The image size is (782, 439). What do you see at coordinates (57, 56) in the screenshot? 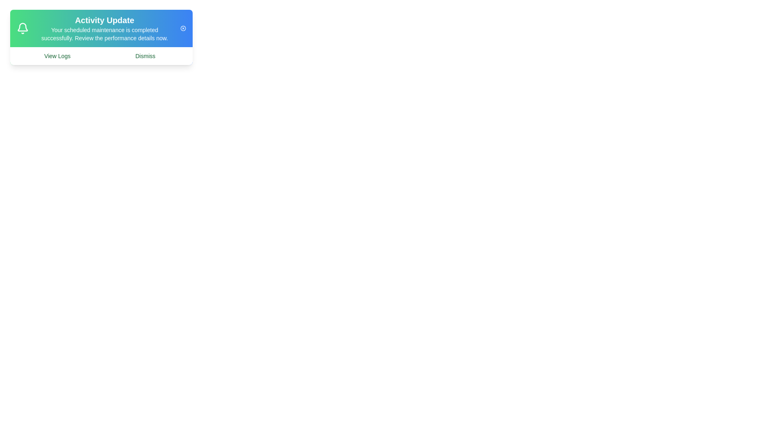
I see `the 'View Logs' button to navigate to the logs` at bounding box center [57, 56].